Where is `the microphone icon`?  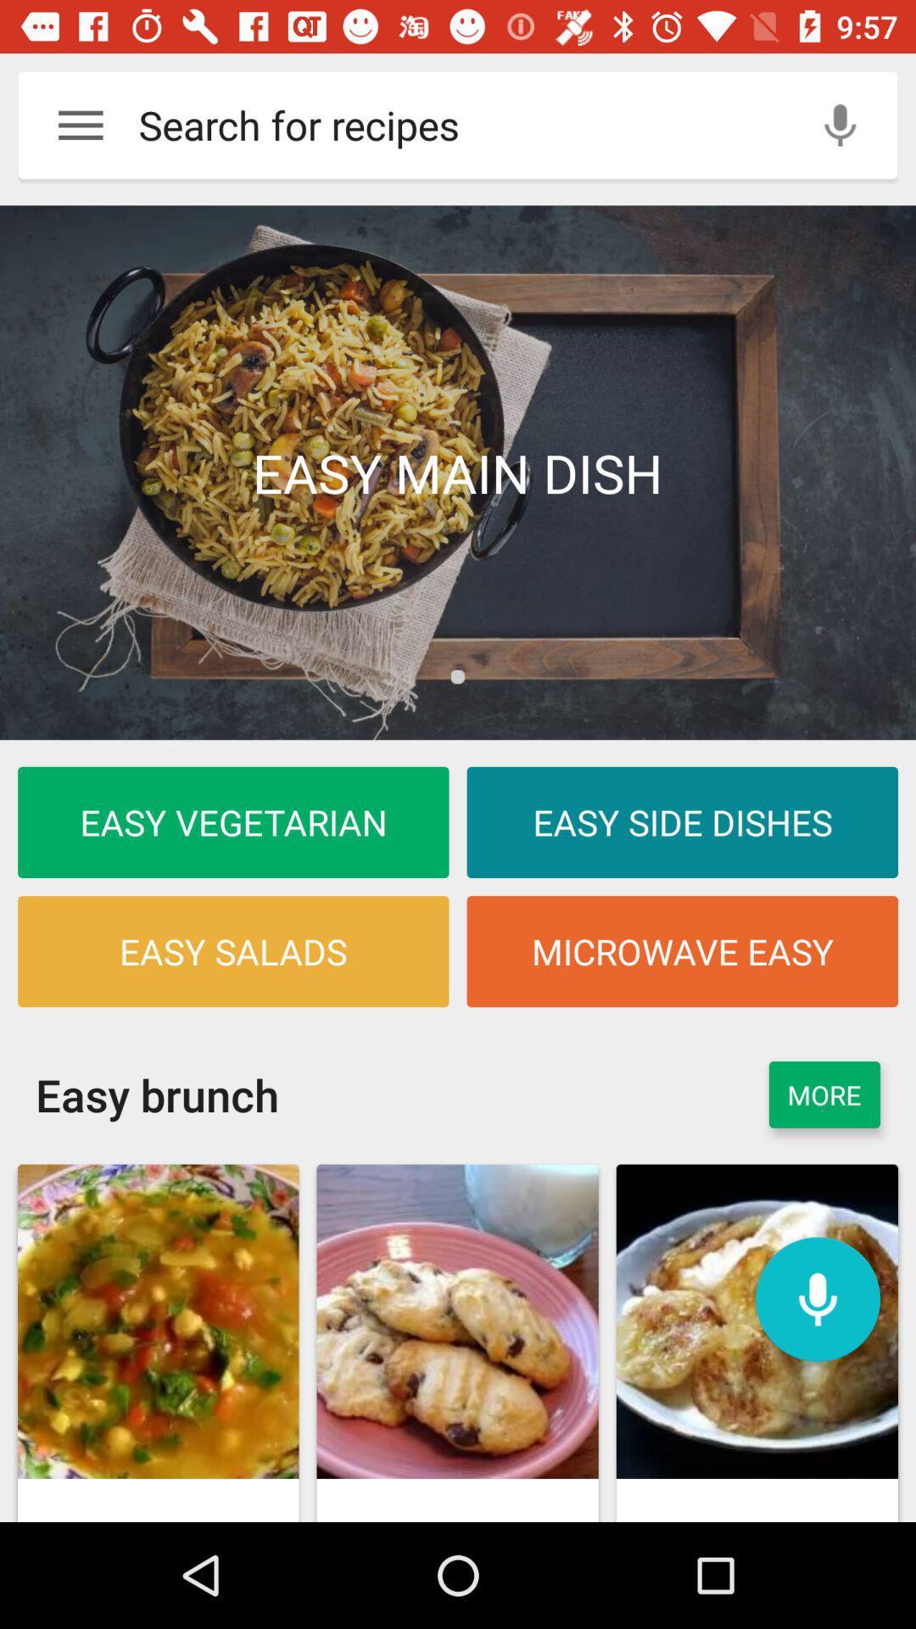 the microphone icon is located at coordinates (817, 1298).